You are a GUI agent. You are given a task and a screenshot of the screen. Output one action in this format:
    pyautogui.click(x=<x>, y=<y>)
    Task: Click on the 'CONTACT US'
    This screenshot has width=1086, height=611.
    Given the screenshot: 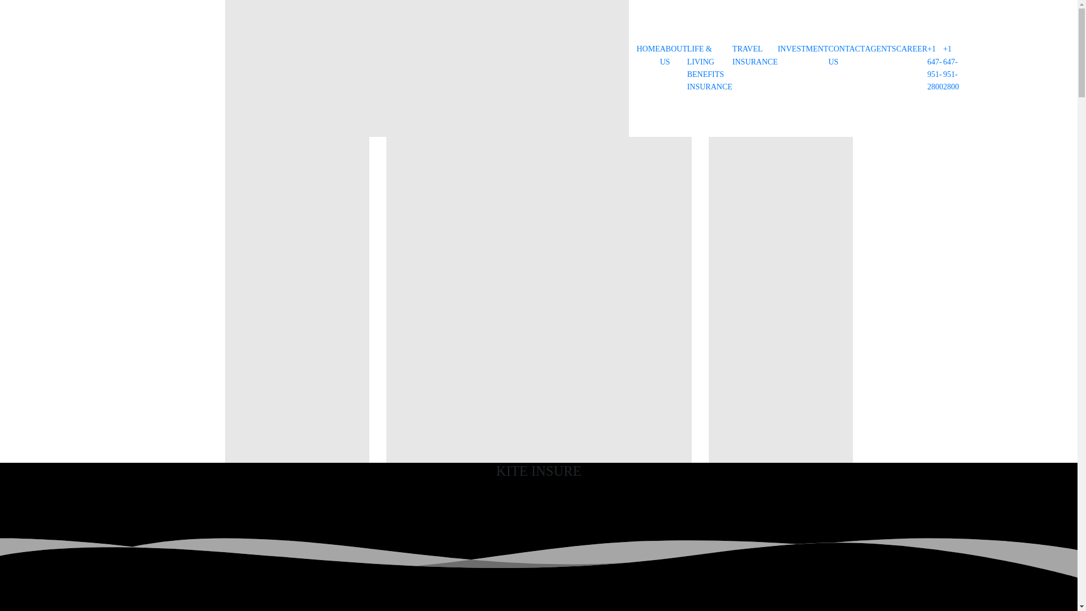 What is the action you would take?
    pyautogui.click(x=846, y=55)
    